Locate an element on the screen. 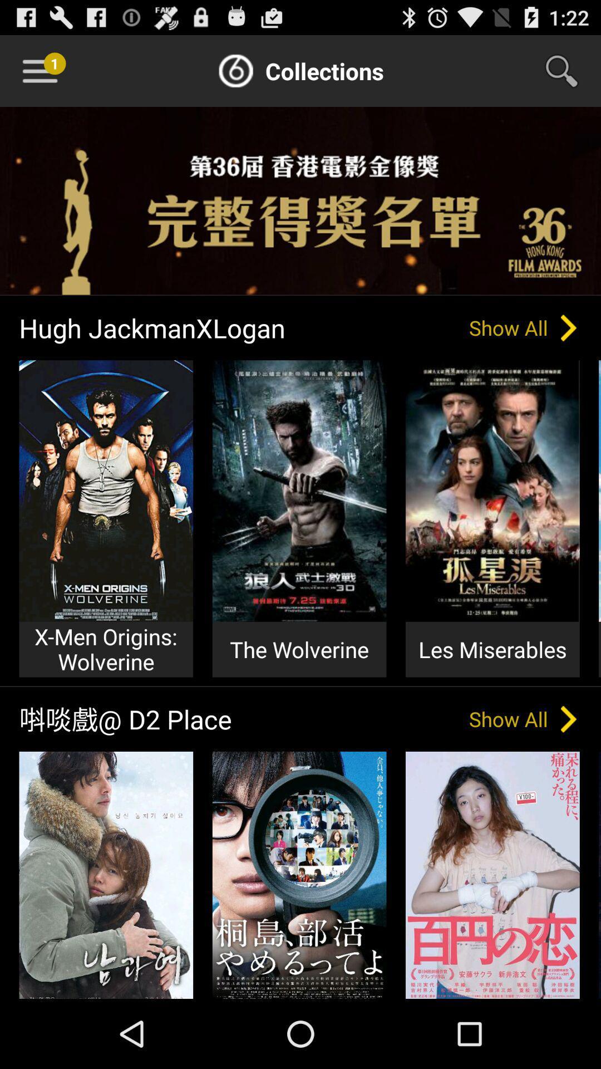 This screenshot has width=601, height=1069. the button right to first text of show all is located at coordinates (569, 327).